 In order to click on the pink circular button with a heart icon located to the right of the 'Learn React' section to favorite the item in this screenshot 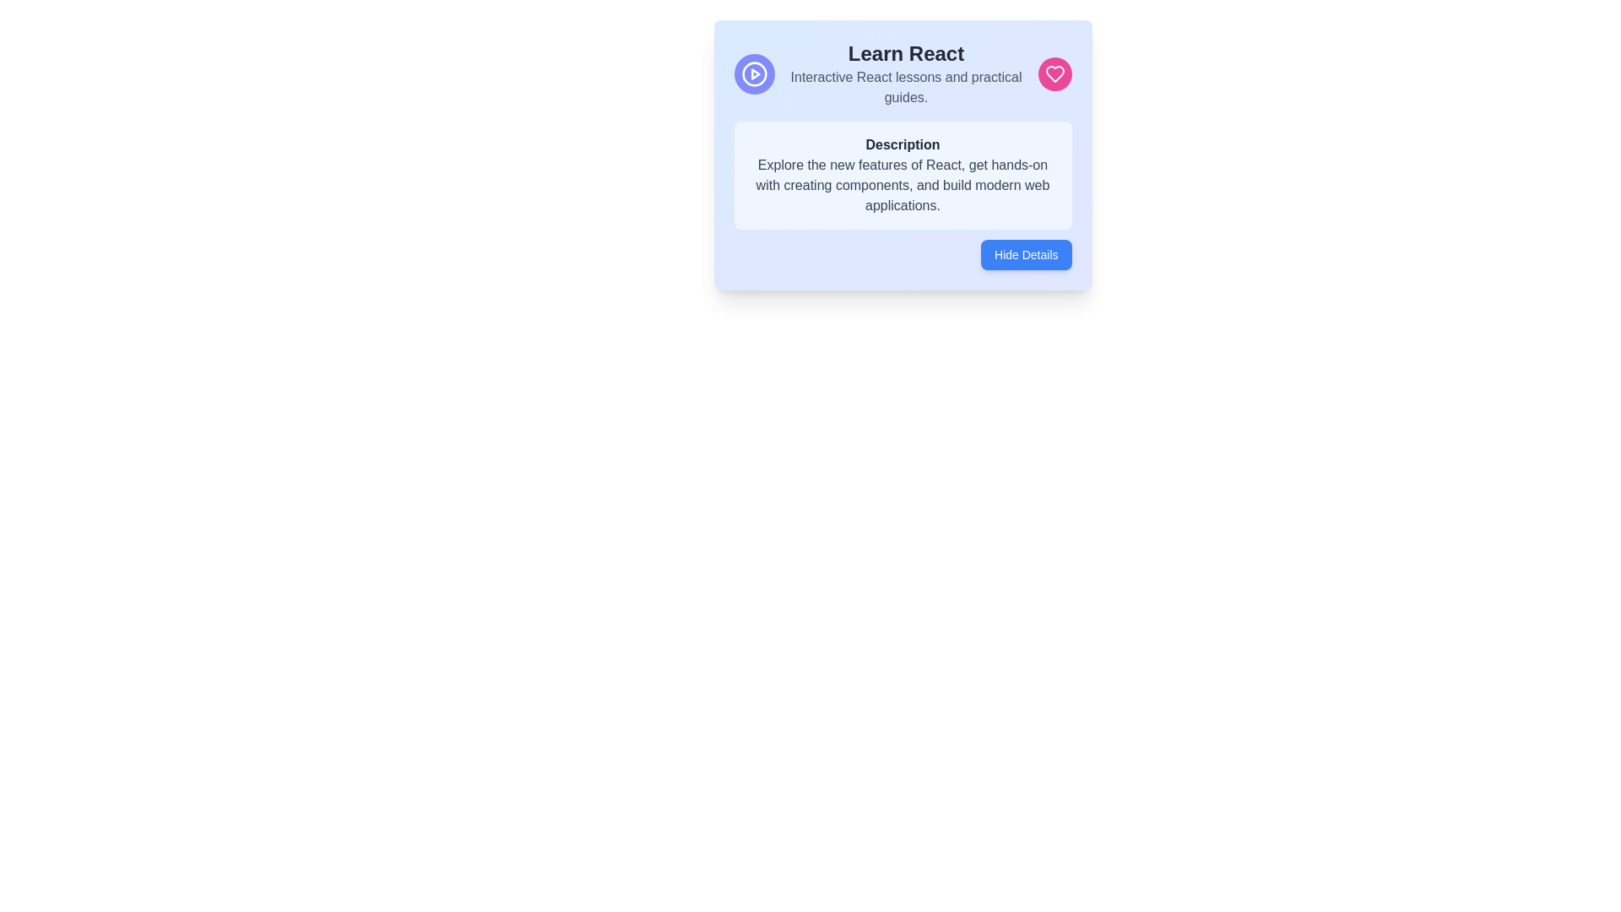, I will do `click(1054, 73)`.